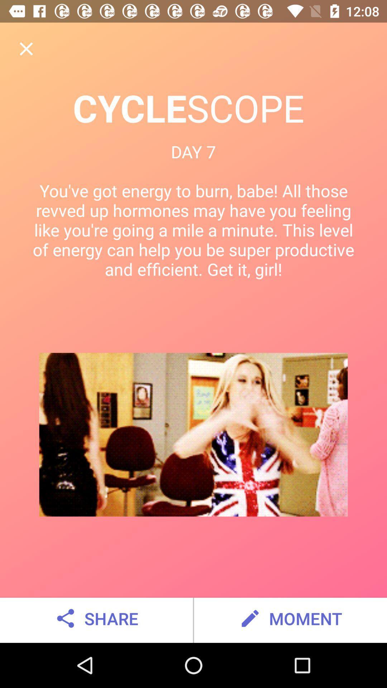 Image resolution: width=387 pixels, height=688 pixels. Describe the element at coordinates (26, 48) in the screenshot. I see `autoplay option switch autoplay option` at that location.